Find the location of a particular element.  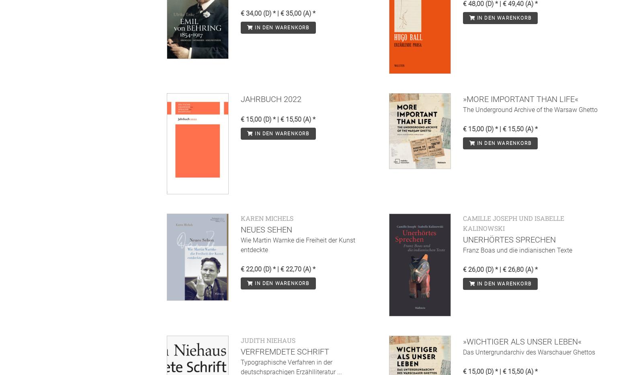

'»More Important than Life«' is located at coordinates (520, 99).